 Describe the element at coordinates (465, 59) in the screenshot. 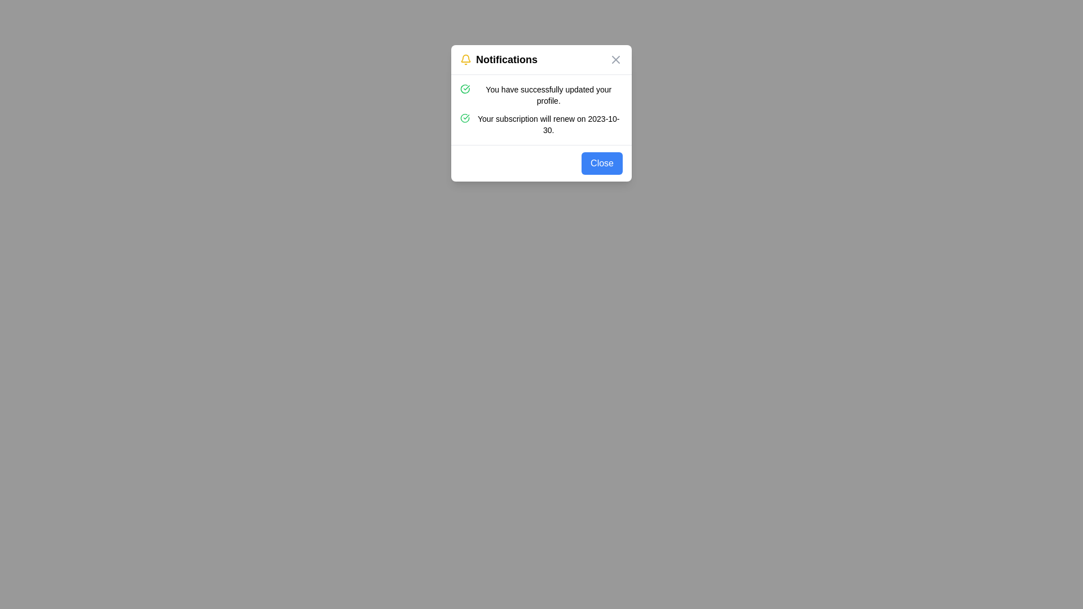

I see `the bell icon which serves as a visual cue for notifications located at the top-left corner of the notification popup box, immediately to the left of the 'Notifications' title` at that location.